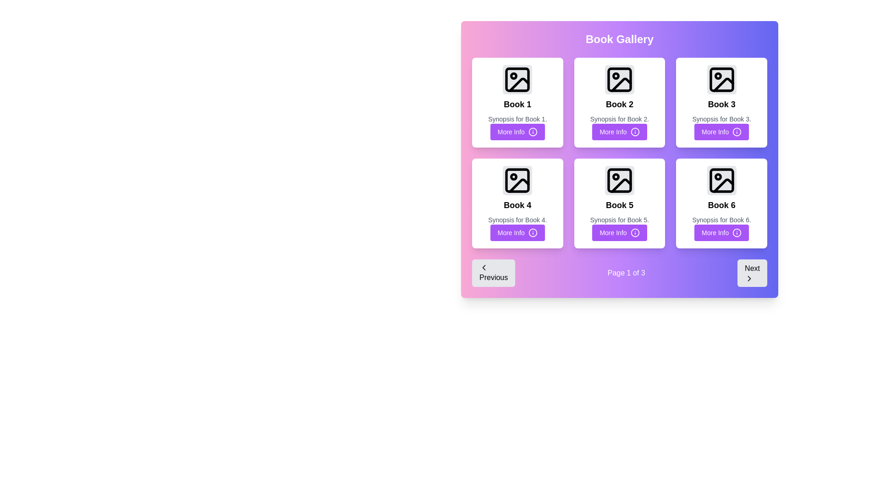  Describe the element at coordinates (620, 118) in the screenshot. I see `the Text label that provides a brief synopsis or description of the associated book 'Book 2', located directly below the title text 'Book 2' and above the 'More Info' button in the second column of the first row, within the section labeled 'Book Gallery'` at that location.